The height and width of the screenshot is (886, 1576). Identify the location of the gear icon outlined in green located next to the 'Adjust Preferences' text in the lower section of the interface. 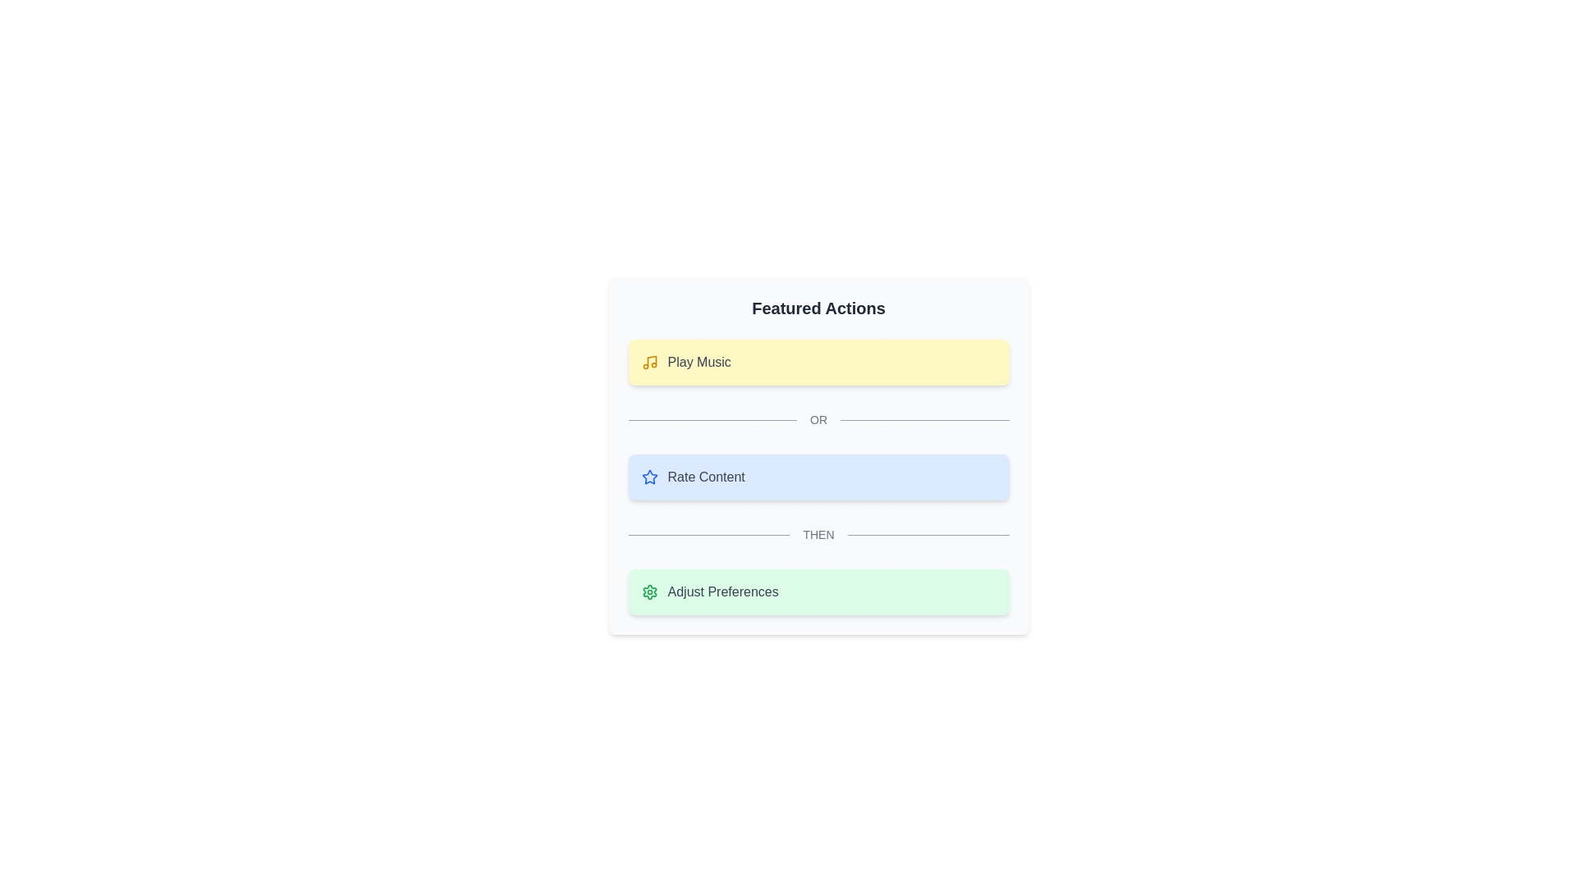
(648, 591).